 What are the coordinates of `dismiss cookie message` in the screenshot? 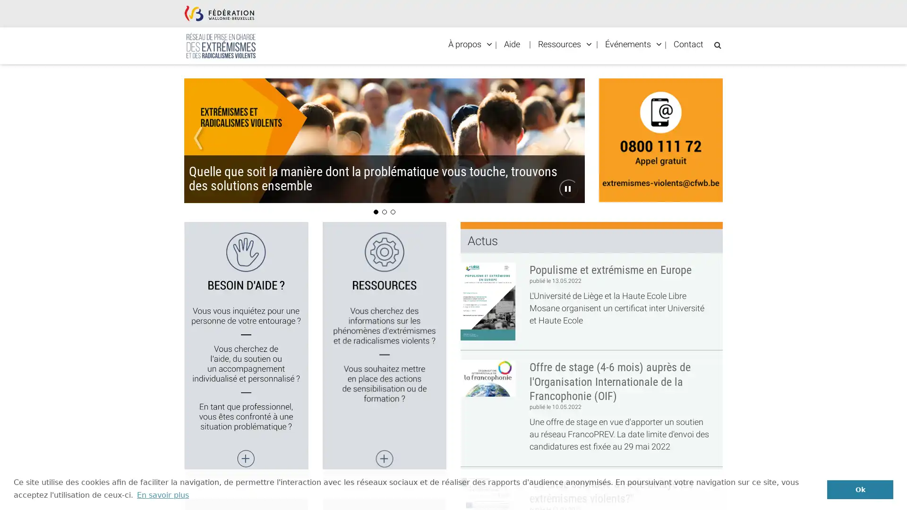 It's located at (860, 489).